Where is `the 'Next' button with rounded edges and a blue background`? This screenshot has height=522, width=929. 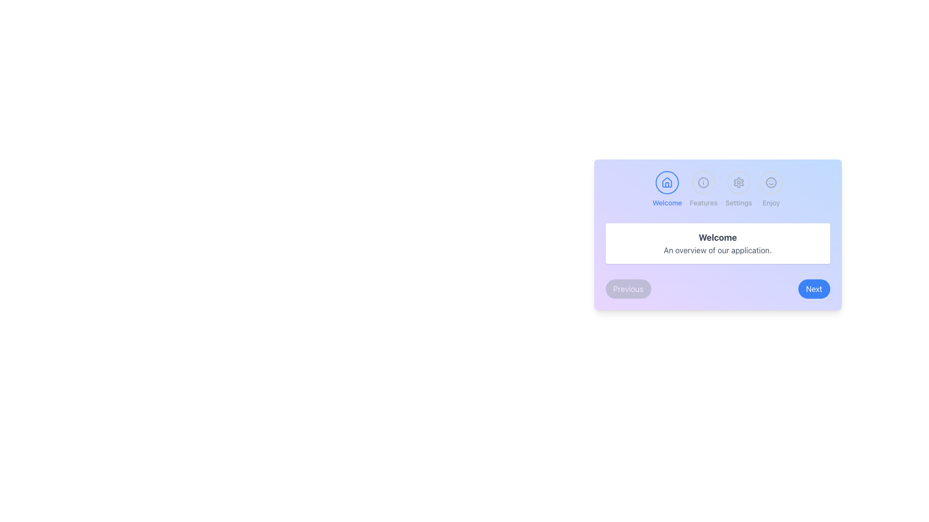 the 'Next' button with rounded edges and a blue background is located at coordinates (813, 288).